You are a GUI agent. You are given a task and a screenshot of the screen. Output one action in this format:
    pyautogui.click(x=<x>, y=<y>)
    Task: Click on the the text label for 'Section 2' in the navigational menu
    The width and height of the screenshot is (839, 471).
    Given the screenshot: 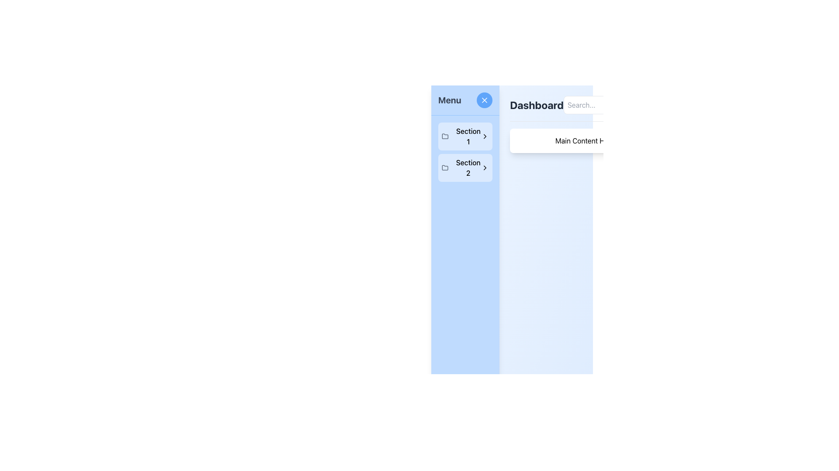 What is the action you would take?
    pyautogui.click(x=468, y=168)
    